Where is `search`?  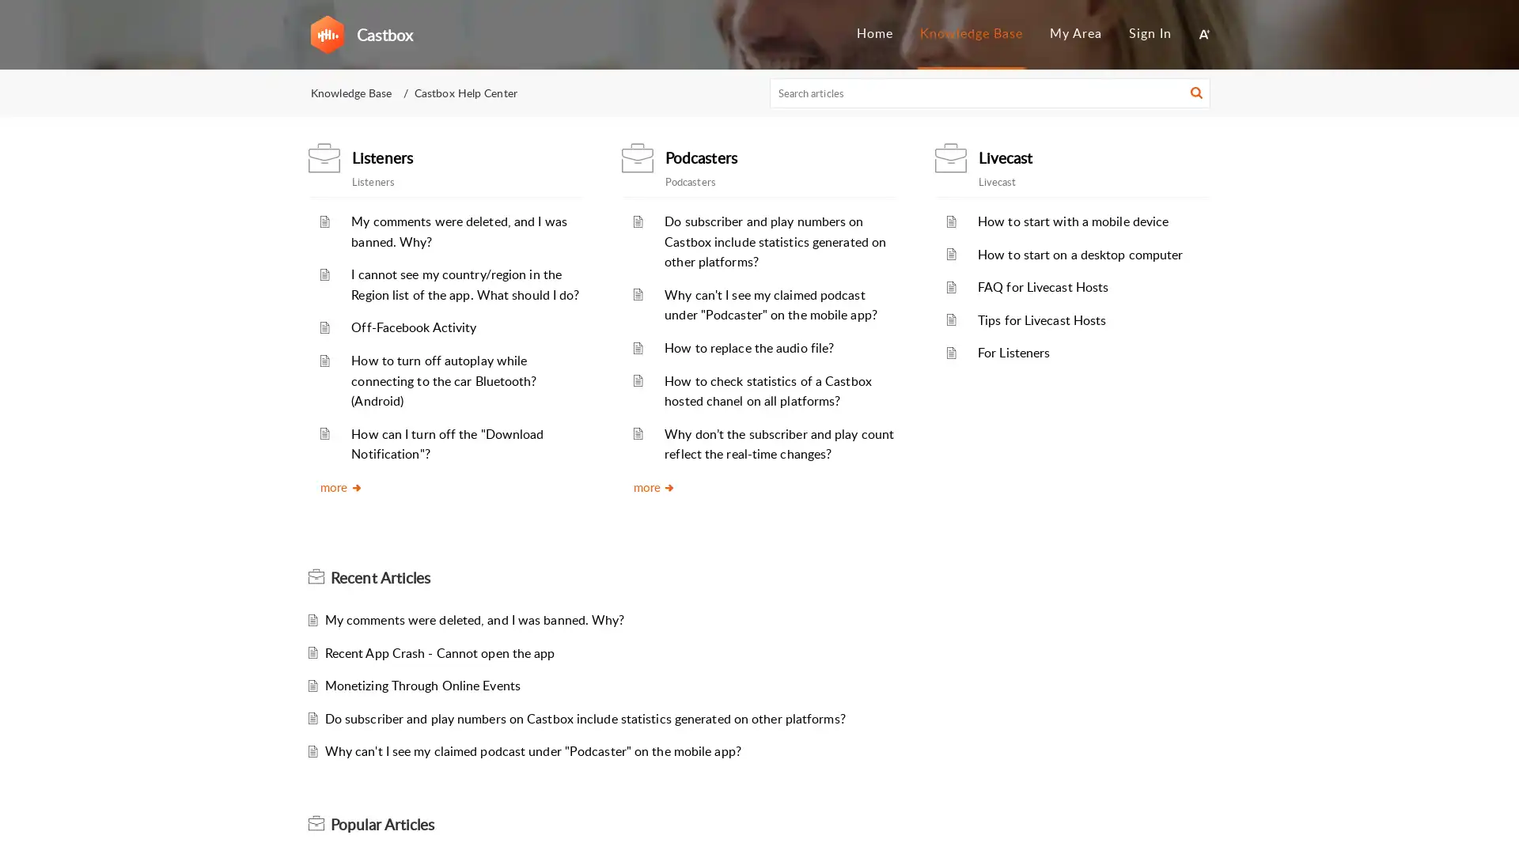
search is located at coordinates (1196, 95).